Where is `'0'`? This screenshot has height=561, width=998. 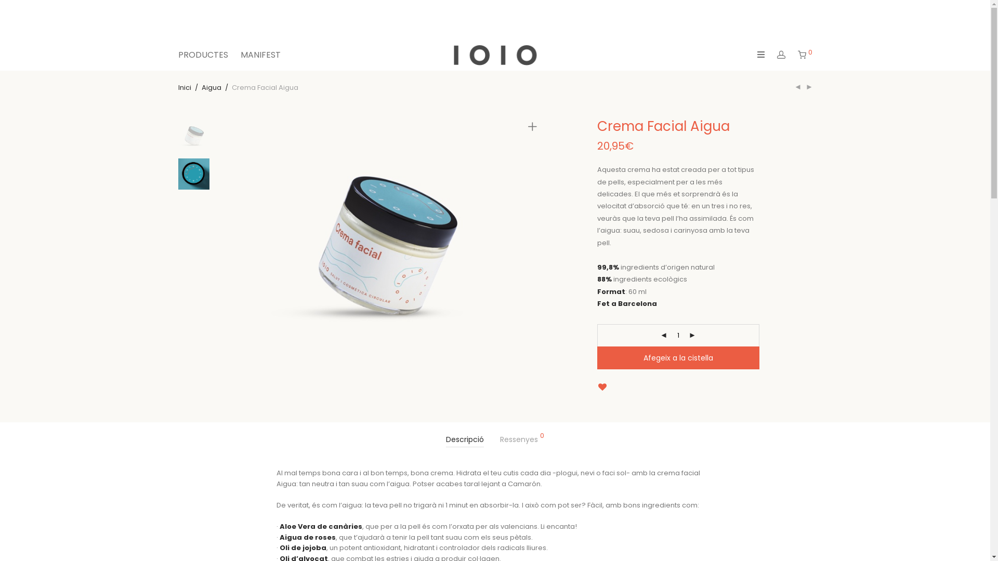 '0' is located at coordinates (804, 55).